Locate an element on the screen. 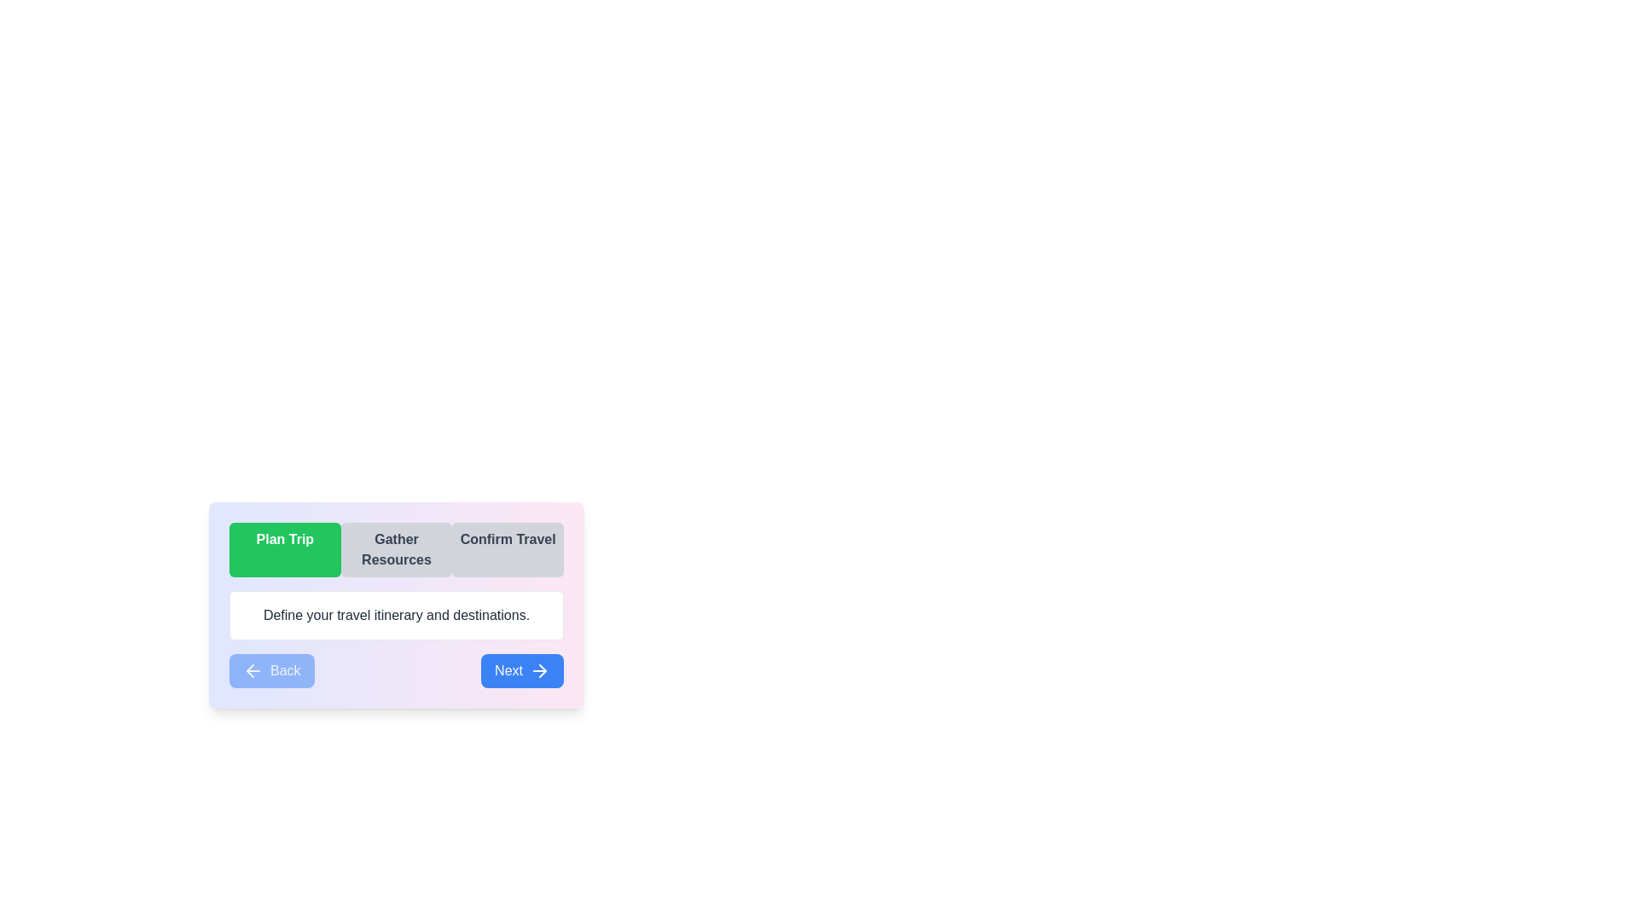 This screenshot has height=921, width=1638. the 'Confirm Travel' button, which is a rectangular button with a gray background and bold dark gray text, positioned as the third button in a horizontal group is located at coordinates (507, 549).